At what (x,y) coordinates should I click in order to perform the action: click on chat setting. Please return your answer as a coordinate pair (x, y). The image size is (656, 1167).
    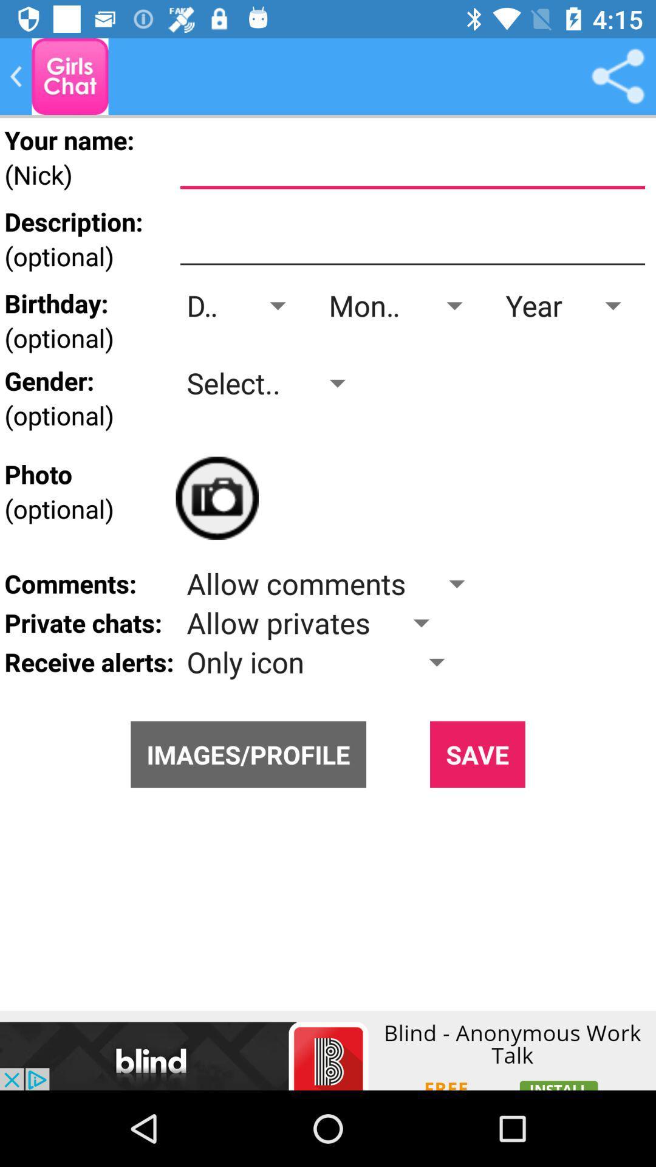
    Looking at the image, I should click on (70, 75).